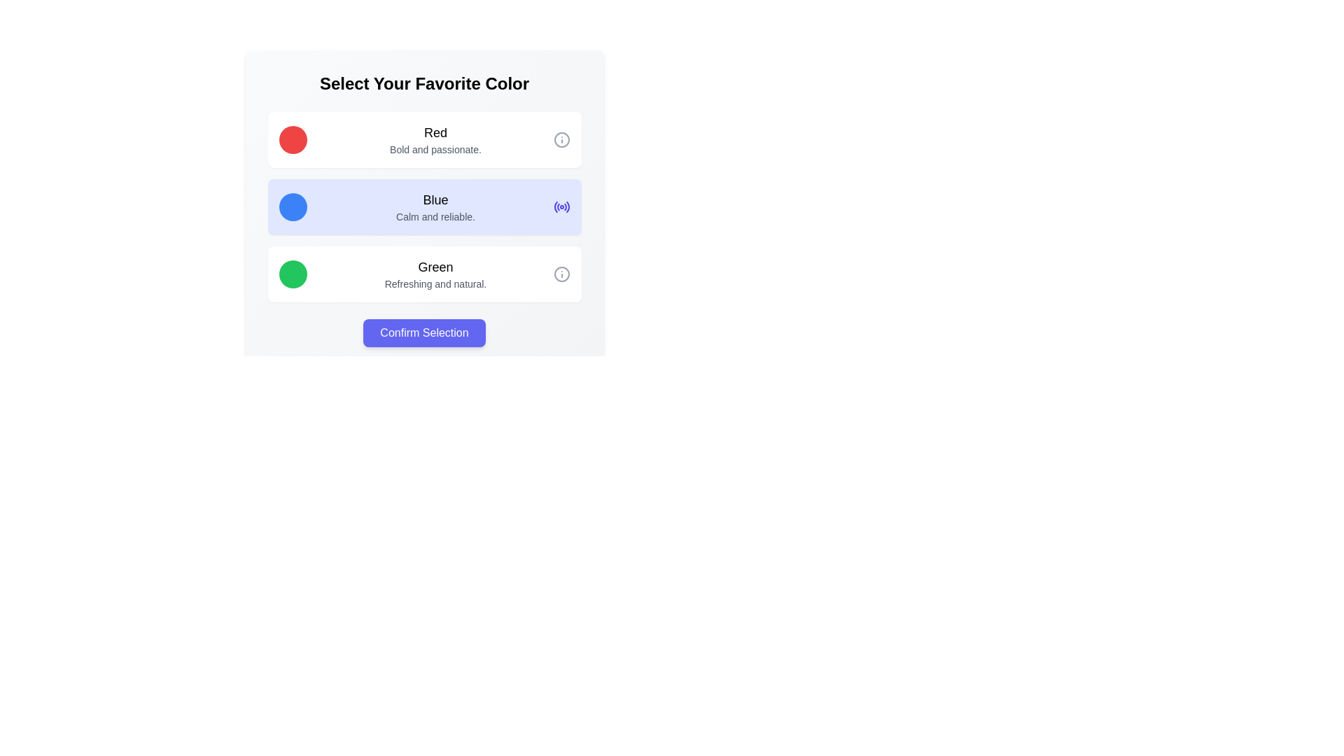 This screenshot has height=756, width=1344. Describe the element at coordinates (423, 274) in the screenshot. I see `the selectable list item for the color green, which is the third option in the vertical list of color choices` at that location.